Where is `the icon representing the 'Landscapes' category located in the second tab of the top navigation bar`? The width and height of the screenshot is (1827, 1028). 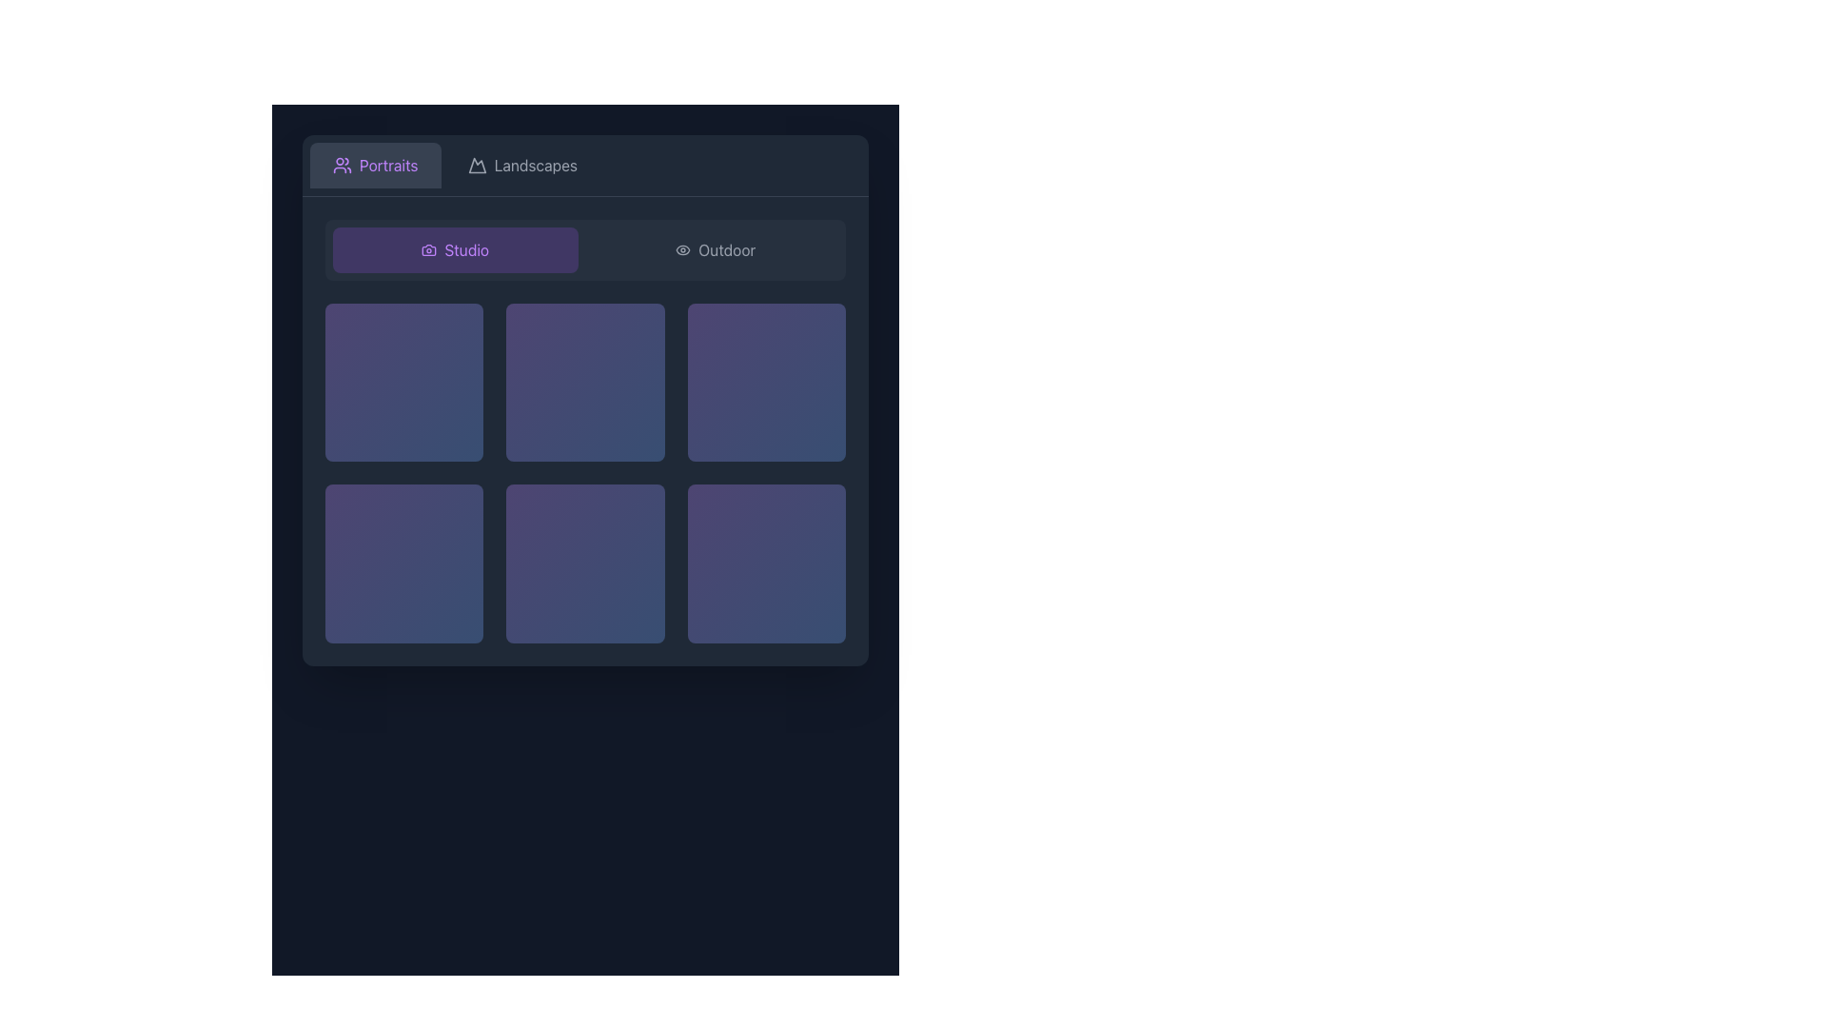
the icon representing the 'Landscapes' category located in the second tab of the top navigation bar is located at coordinates (477, 164).